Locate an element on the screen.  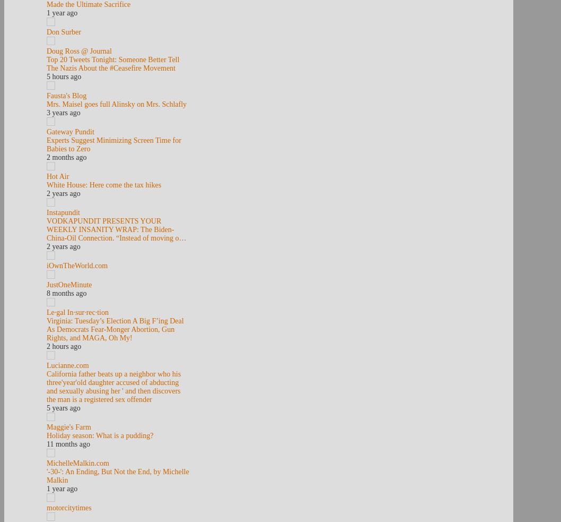
'Instapundit' is located at coordinates (63, 212).